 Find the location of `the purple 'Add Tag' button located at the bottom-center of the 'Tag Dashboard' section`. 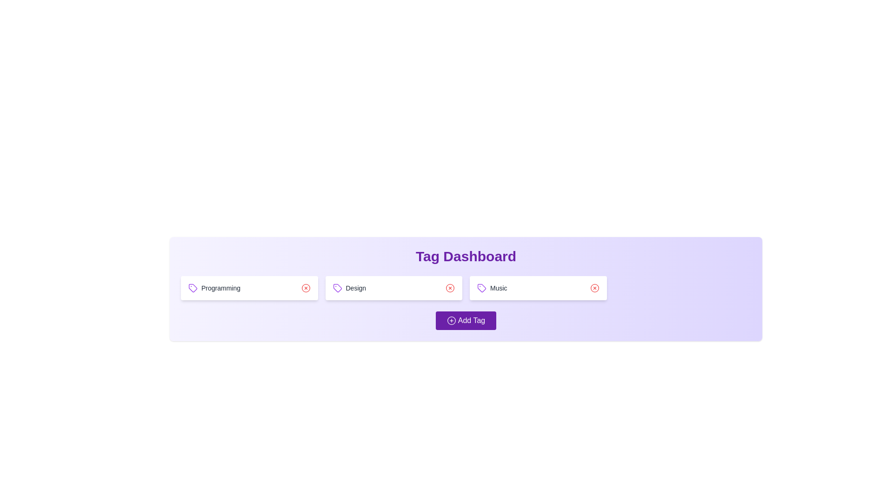

the purple 'Add Tag' button located at the bottom-center of the 'Tag Dashboard' section is located at coordinates (466, 320).